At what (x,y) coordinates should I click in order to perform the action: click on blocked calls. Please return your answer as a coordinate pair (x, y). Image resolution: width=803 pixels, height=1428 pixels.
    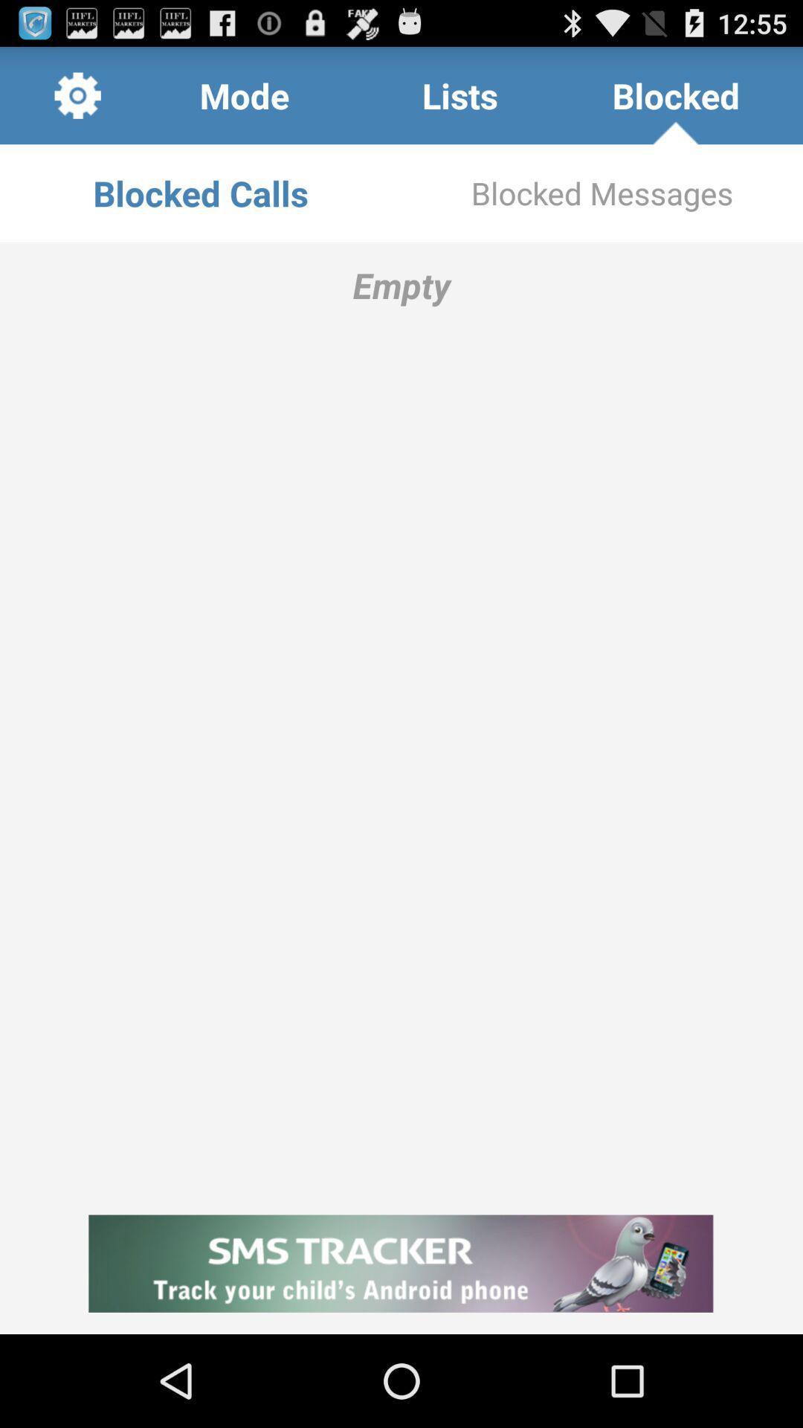
    Looking at the image, I should click on (201, 192).